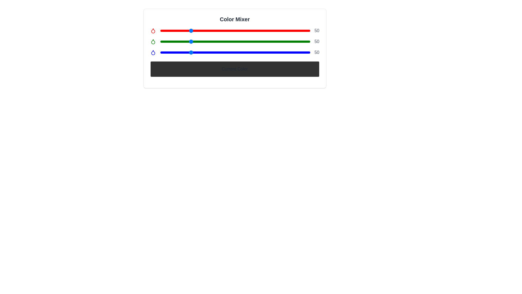 Image resolution: width=522 pixels, height=294 pixels. What do you see at coordinates (195, 52) in the screenshot?
I see `the blue slider to set its value to 60` at bounding box center [195, 52].